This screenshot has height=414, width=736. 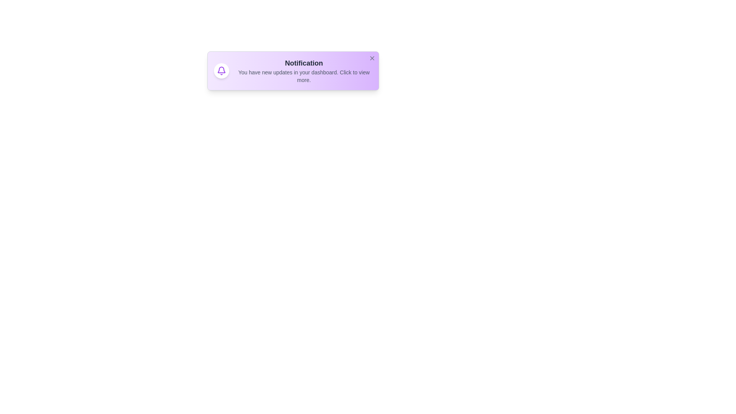 I want to click on the close button icon, which is gray in color and shaped like an 'X', located at the top-right corner of the notification card adjacent to the 'Notification' text, so click(x=372, y=58).